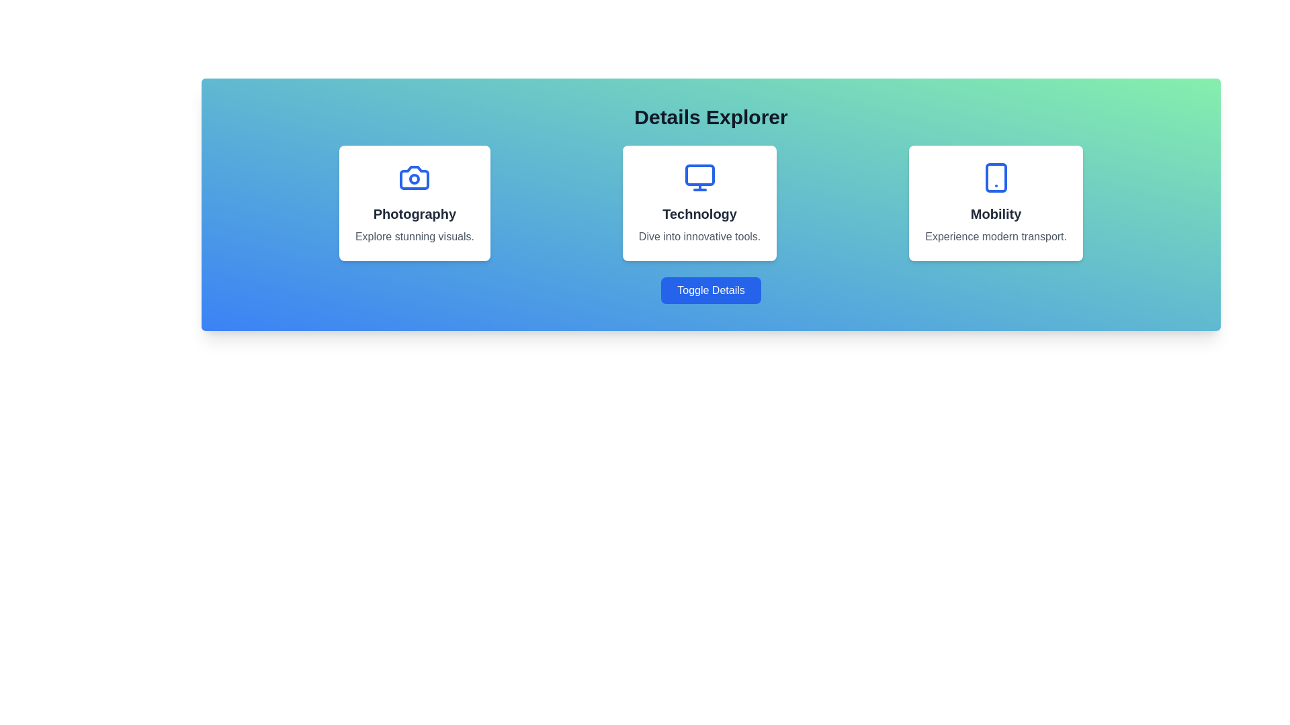 This screenshot has width=1290, height=725. Describe the element at coordinates (699, 177) in the screenshot. I see `the blue monitor icon located at the top center of the 'Technology' card in the 'Details Explorer' section` at that location.